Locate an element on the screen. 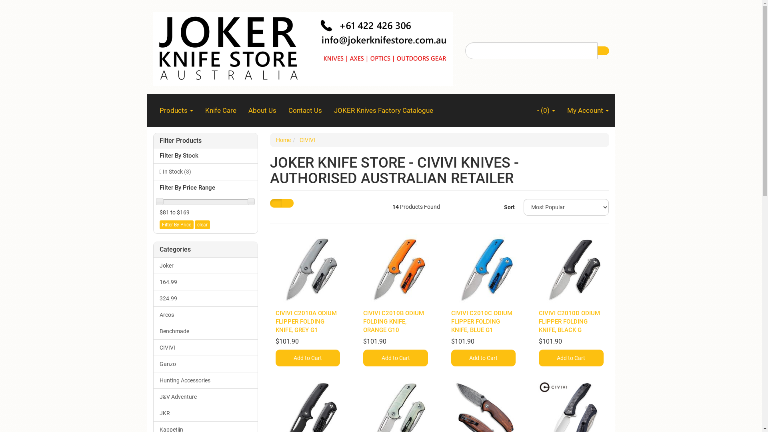 The image size is (768, 432). '164.99' is located at coordinates (206, 281).